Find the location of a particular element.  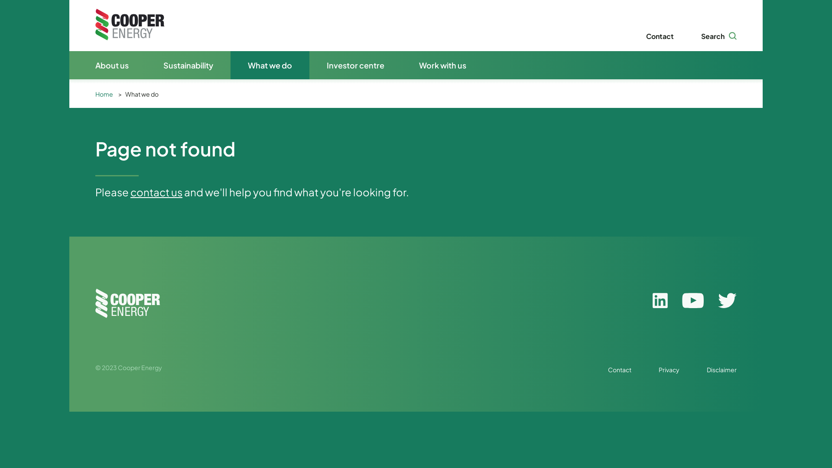

'Work with us' is located at coordinates (442, 65).